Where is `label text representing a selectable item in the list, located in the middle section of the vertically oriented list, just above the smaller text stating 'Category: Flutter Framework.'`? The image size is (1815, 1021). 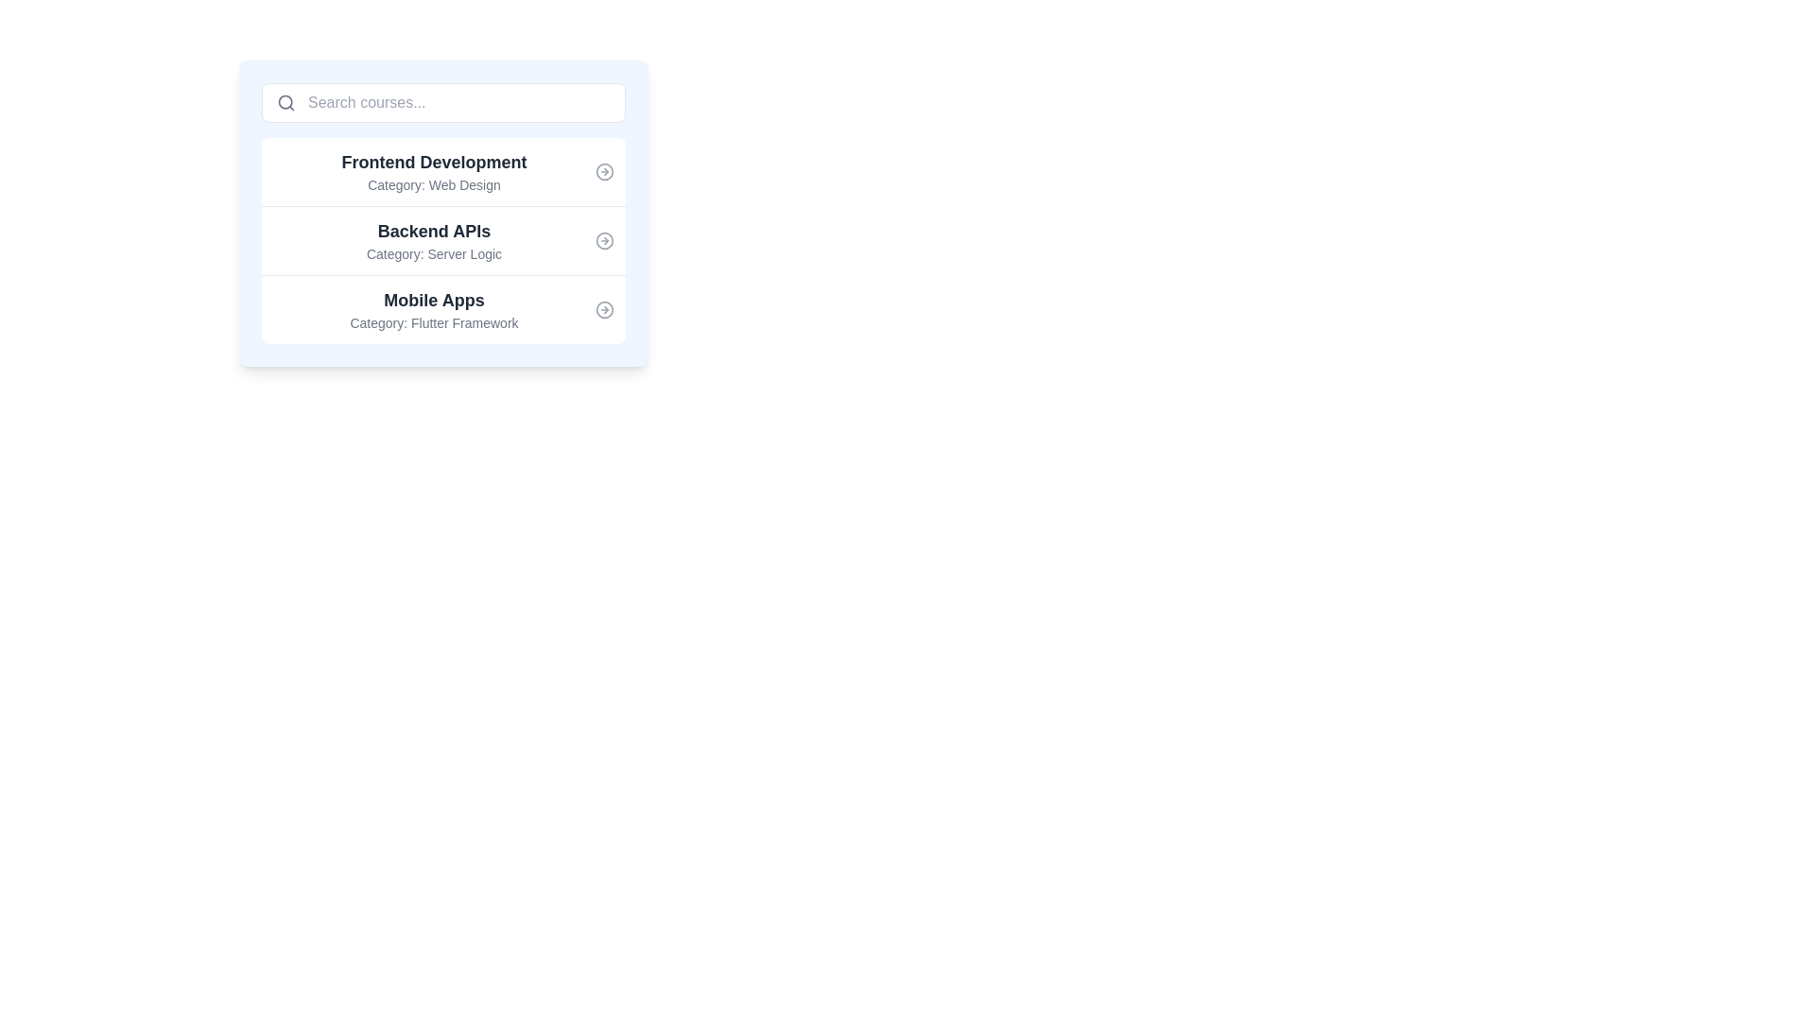
label text representing a selectable item in the list, located in the middle section of the vertically oriented list, just above the smaller text stating 'Category: Flutter Framework.' is located at coordinates (433, 299).